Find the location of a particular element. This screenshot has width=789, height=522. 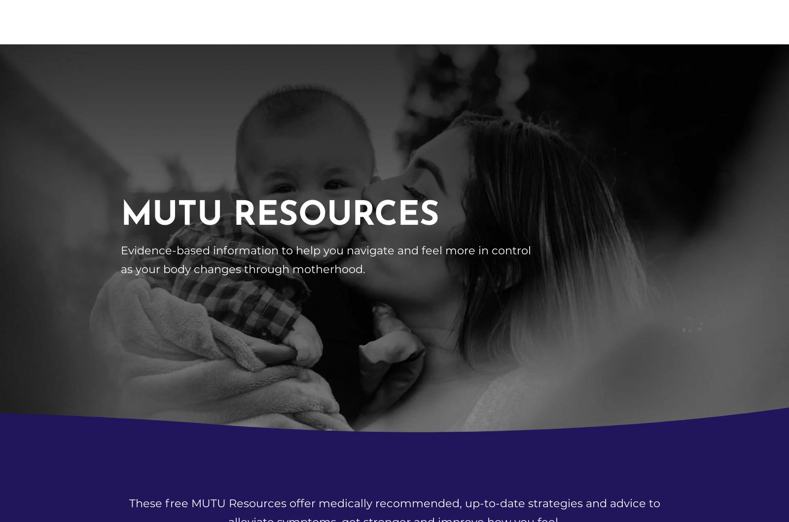

'Start Free Trial' is located at coordinates (472, 50).